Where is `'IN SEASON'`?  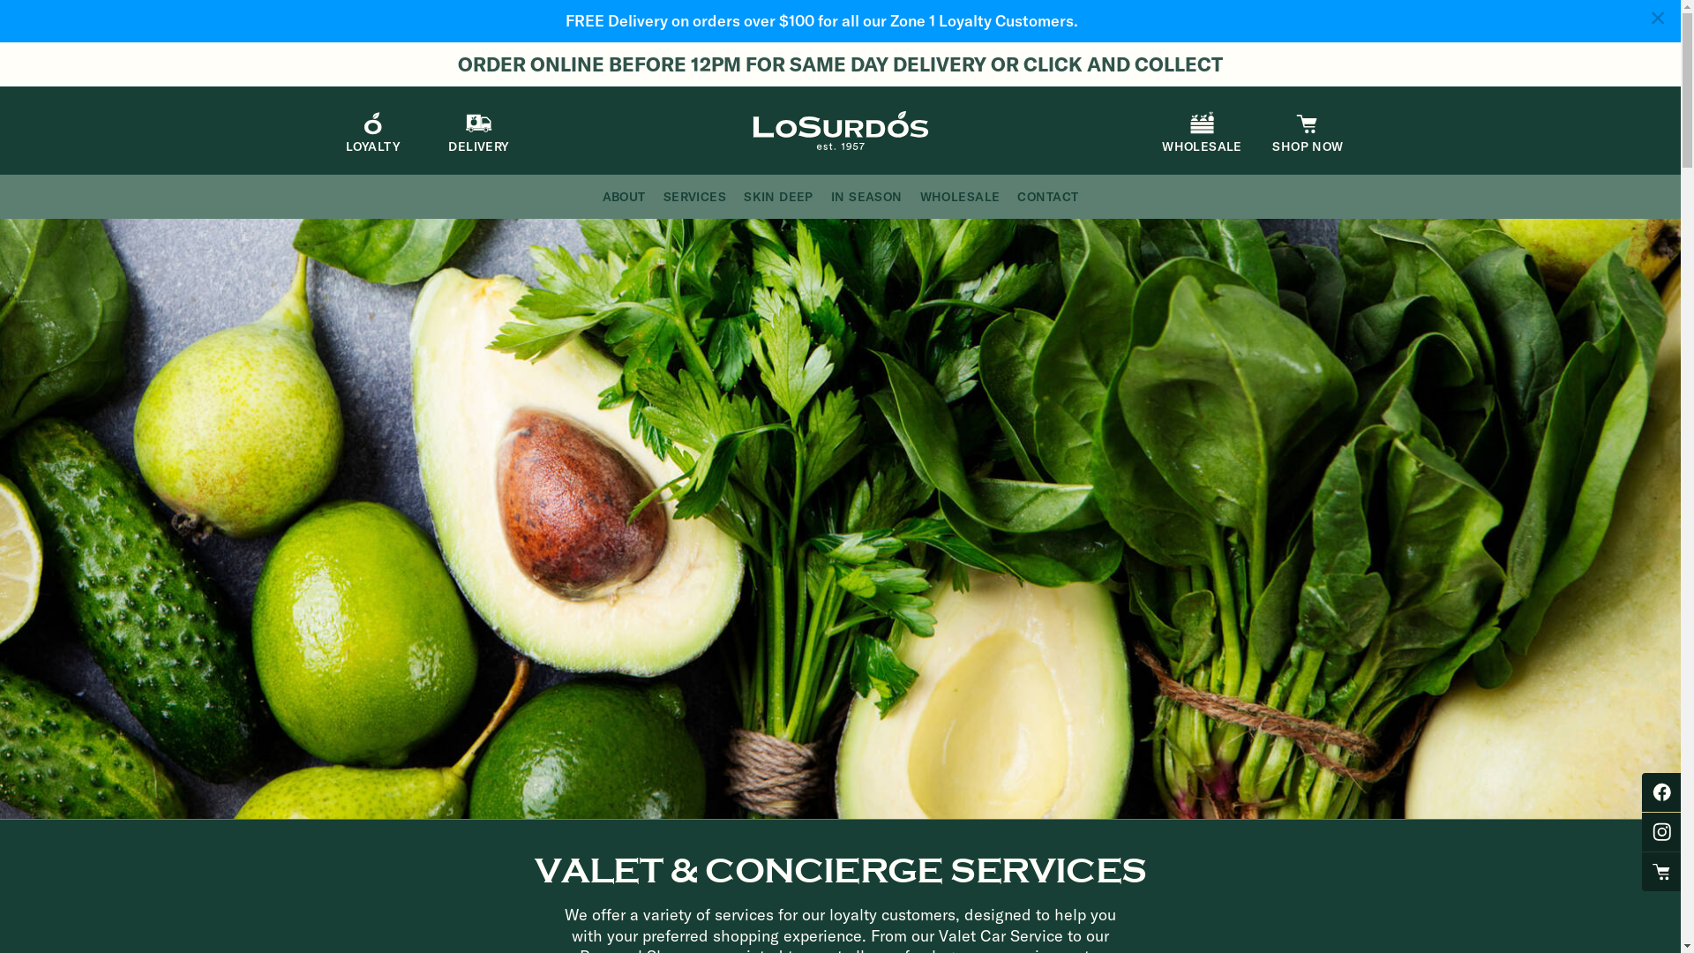 'IN SEASON' is located at coordinates (821, 197).